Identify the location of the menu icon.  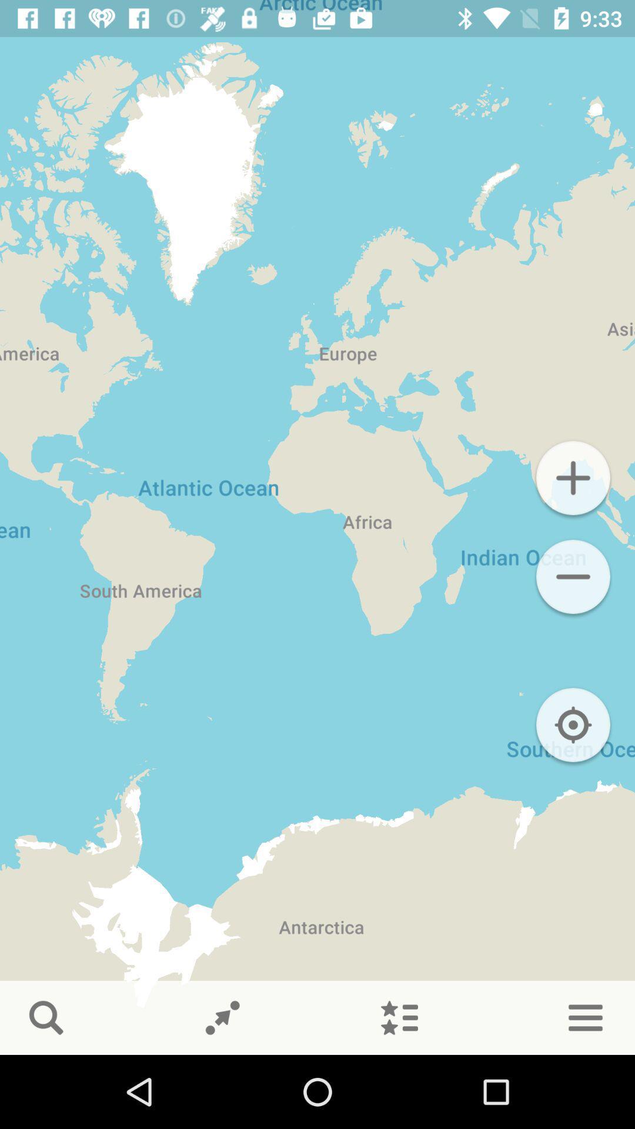
(582, 1017).